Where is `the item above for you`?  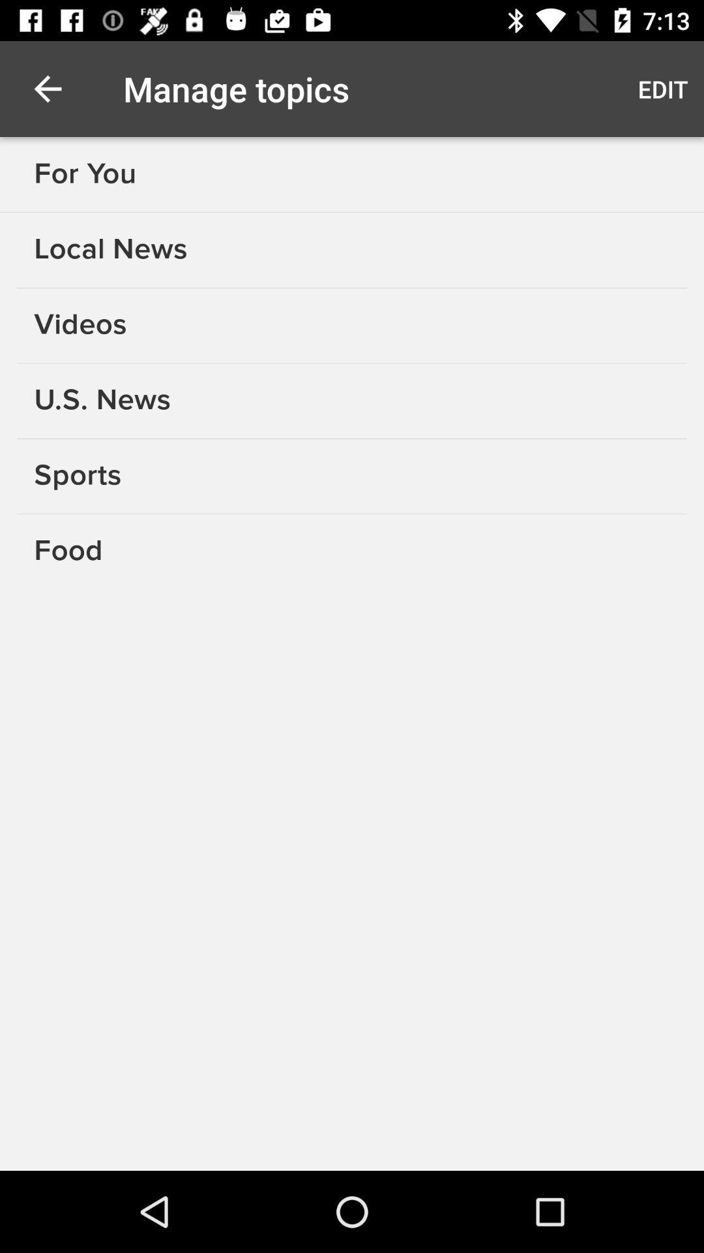
the item above for you is located at coordinates (47, 88).